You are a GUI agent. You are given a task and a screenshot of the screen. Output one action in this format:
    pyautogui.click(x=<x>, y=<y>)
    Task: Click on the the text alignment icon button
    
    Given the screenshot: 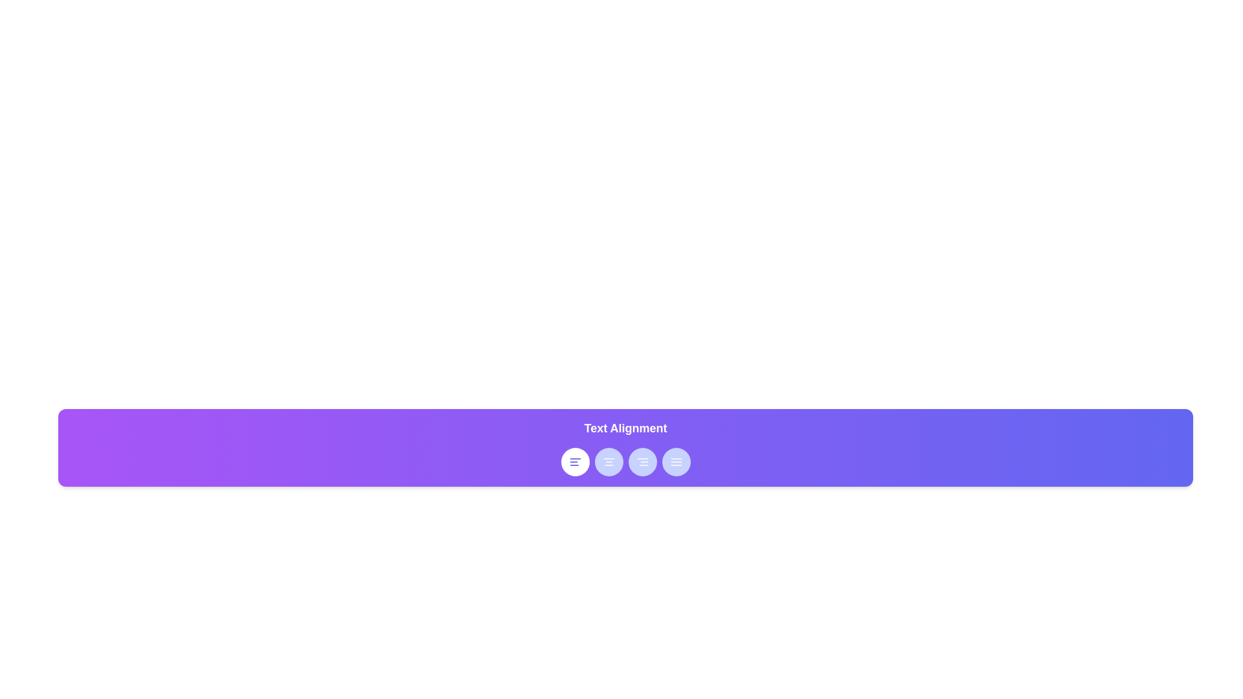 What is the action you would take?
    pyautogui.click(x=574, y=461)
    